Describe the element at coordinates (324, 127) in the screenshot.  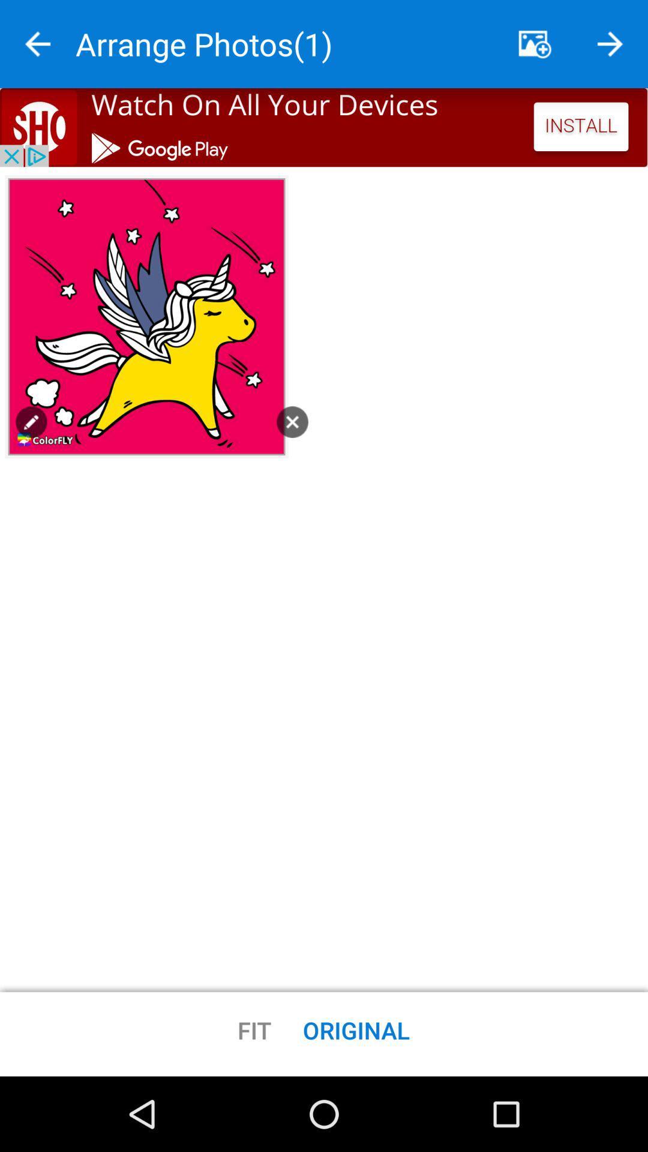
I see `advertisement` at that location.